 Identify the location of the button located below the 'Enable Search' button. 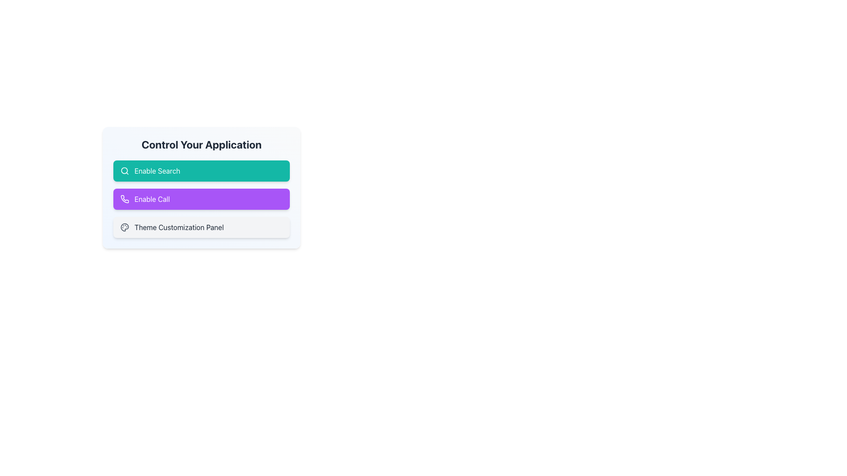
(201, 199).